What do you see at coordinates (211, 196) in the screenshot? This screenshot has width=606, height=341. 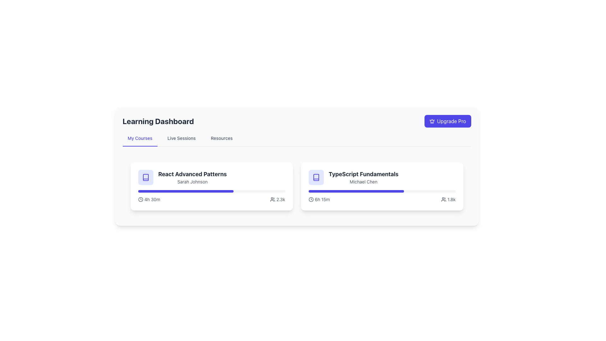 I see `the progress bar located at the bottom of the 'React Advanced Patterns' card under the title 'Sarah Johnson', which visually indicates the completion percentage of a task` at bounding box center [211, 196].